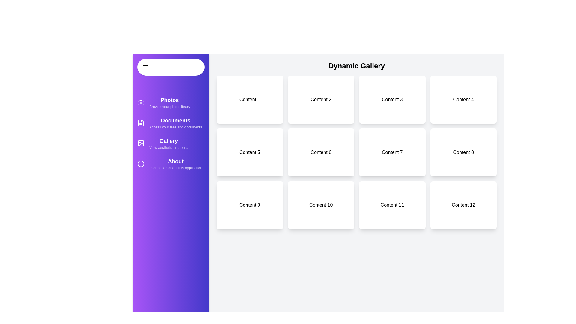 The width and height of the screenshot is (576, 324). What do you see at coordinates (171, 122) in the screenshot?
I see `the category item labeled 'Documents' to observe its hover effect` at bounding box center [171, 122].